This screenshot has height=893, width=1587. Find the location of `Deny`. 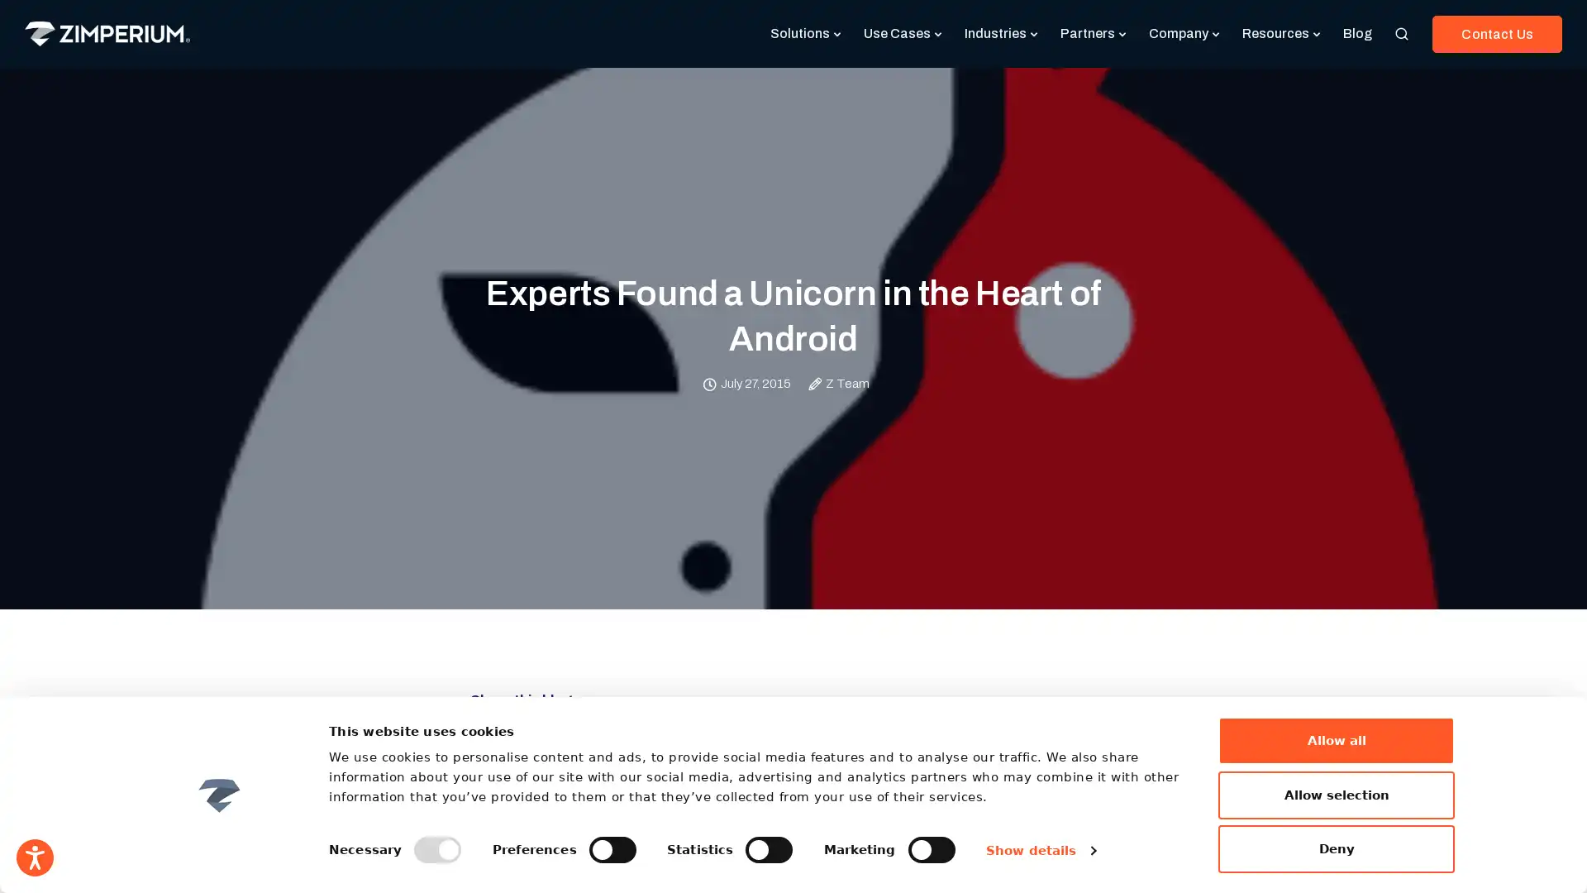

Deny is located at coordinates (1337, 848).